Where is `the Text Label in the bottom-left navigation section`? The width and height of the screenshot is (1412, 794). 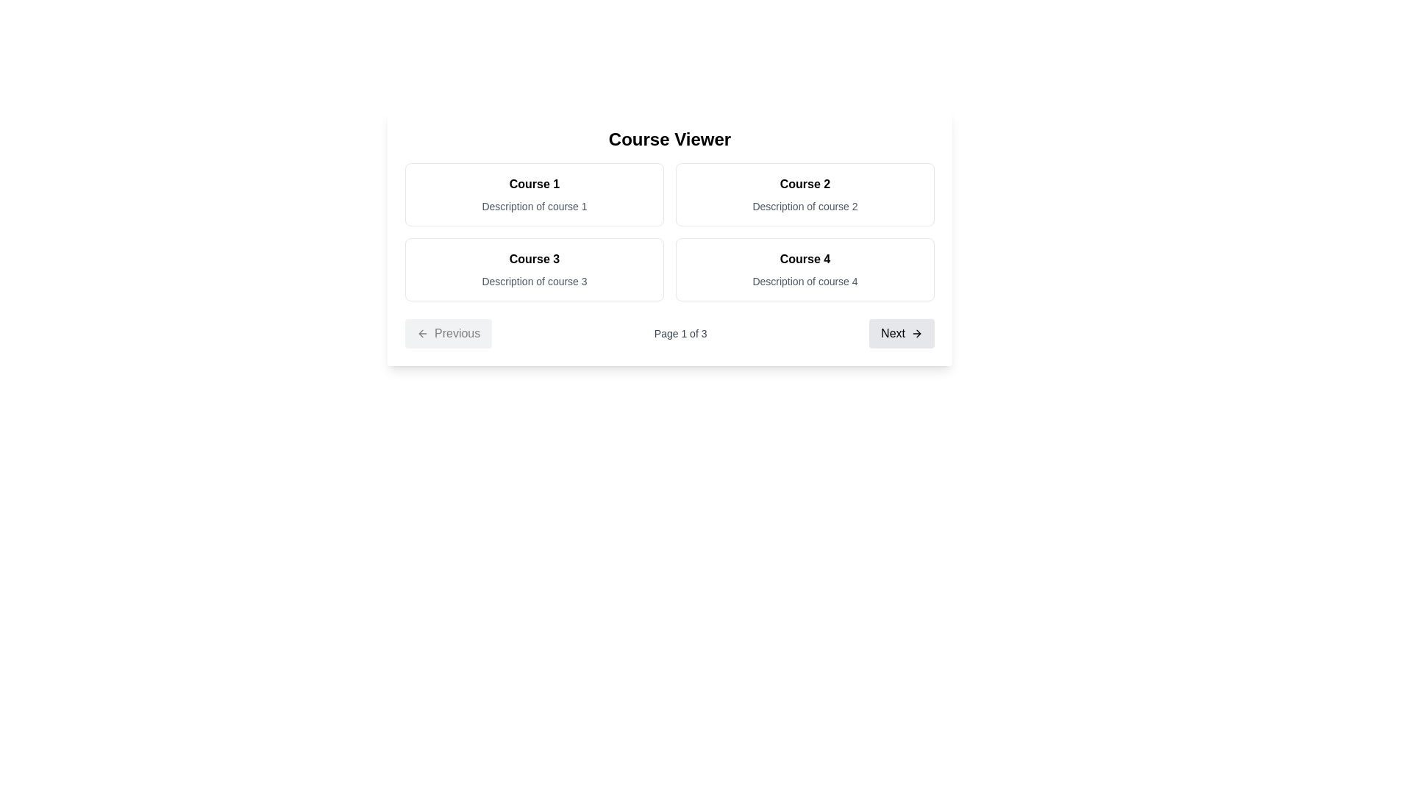 the Text Label in the bottom-left navigation section is located at coordinates (457, 334).